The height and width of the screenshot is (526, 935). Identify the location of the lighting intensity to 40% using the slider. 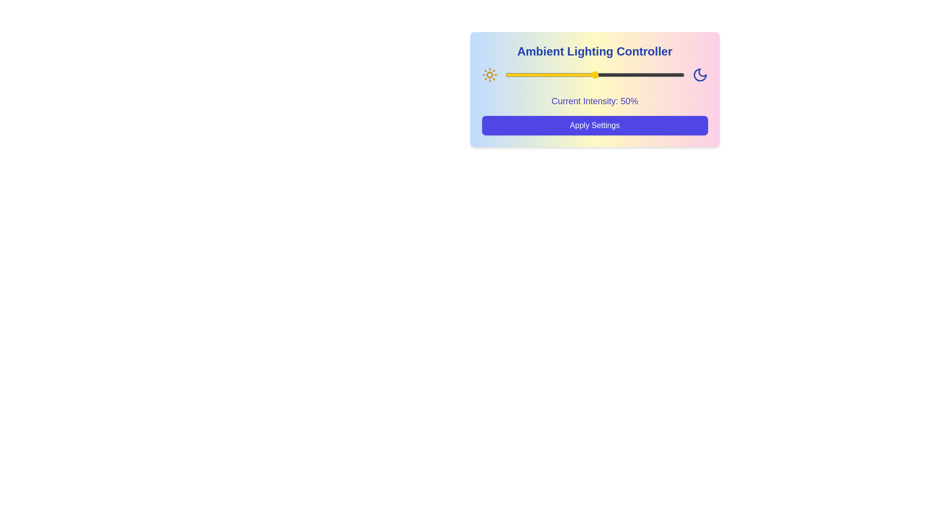
(577, 75).